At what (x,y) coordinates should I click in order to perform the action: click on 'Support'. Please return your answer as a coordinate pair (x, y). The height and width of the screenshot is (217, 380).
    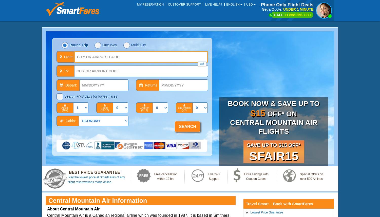
    Looking at the image, I should click on (214, 178).